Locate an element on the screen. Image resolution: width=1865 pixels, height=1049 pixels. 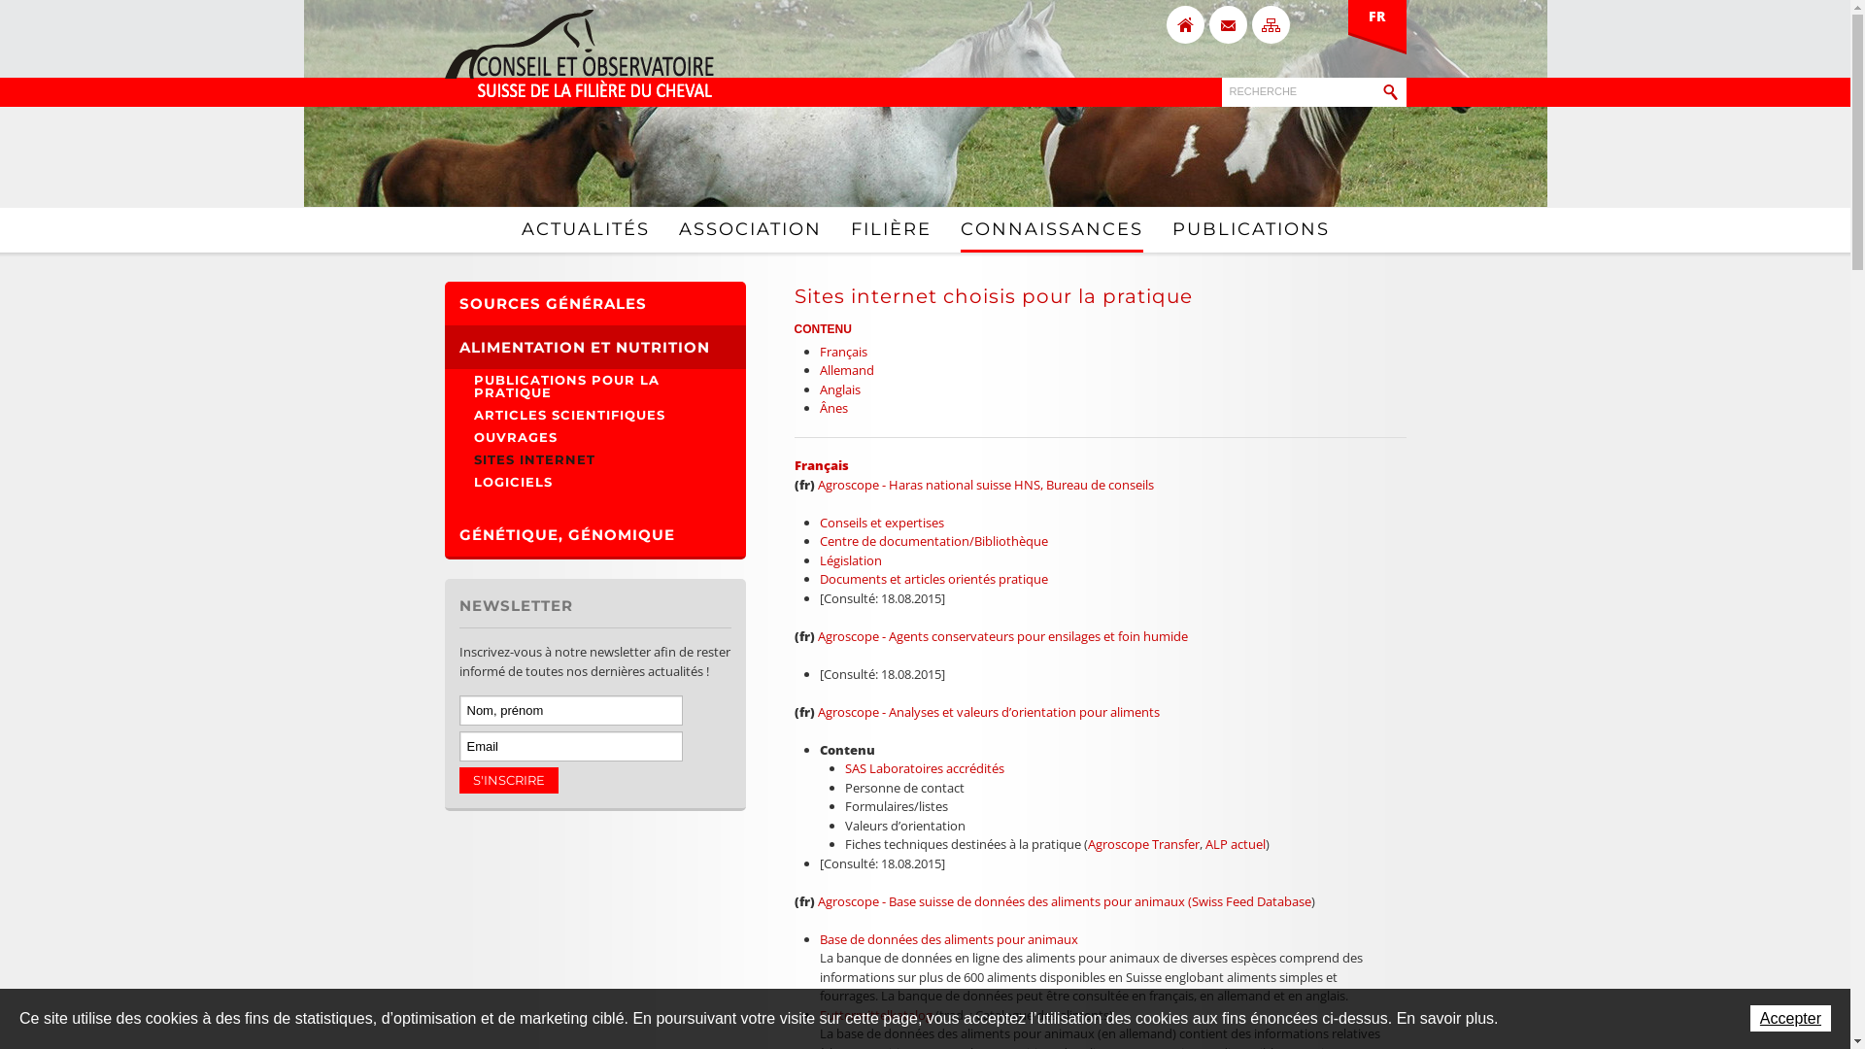
'Contact' is located at coordinates (1226, 24).